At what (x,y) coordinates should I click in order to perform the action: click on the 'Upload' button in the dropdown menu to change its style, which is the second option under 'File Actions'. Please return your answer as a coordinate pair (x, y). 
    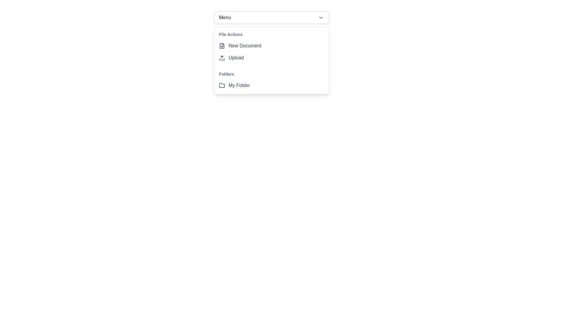
    Looking at the image, I should click on (271, 58).